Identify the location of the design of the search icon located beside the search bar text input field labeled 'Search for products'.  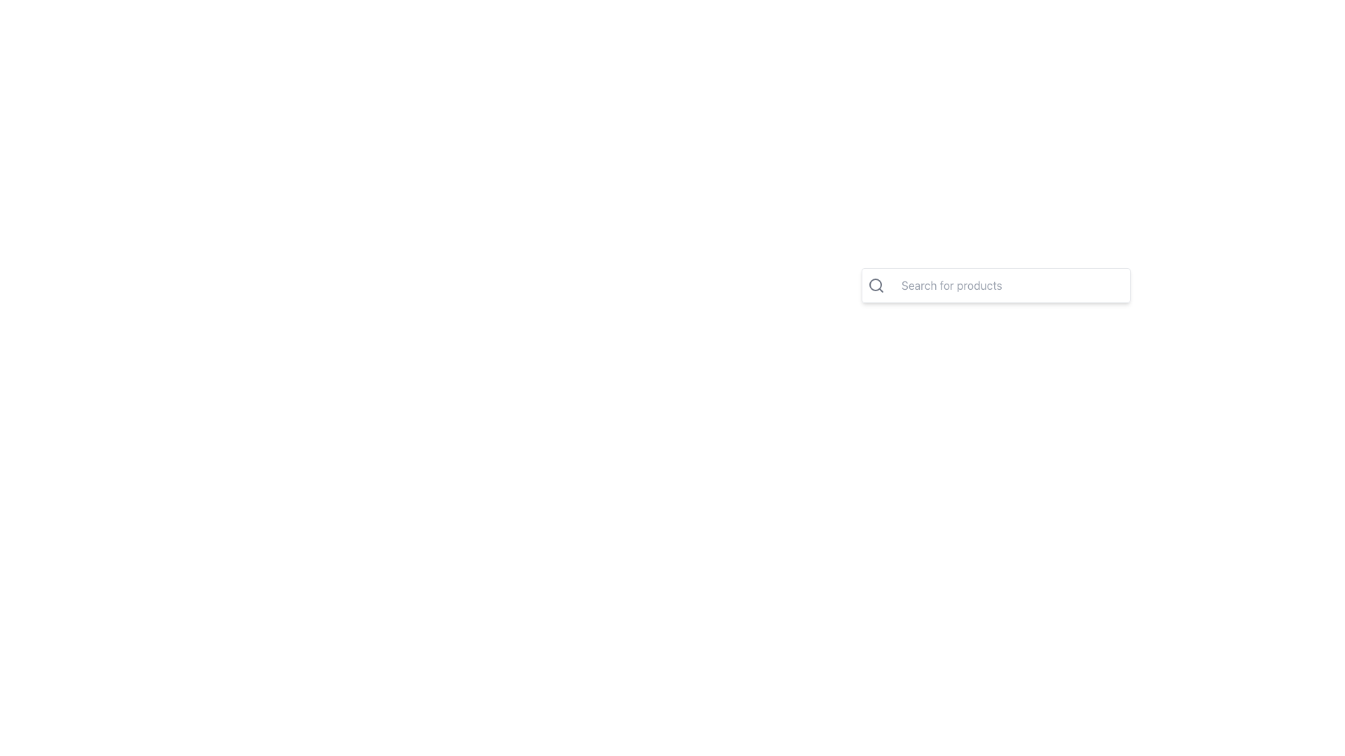
(876, 285).